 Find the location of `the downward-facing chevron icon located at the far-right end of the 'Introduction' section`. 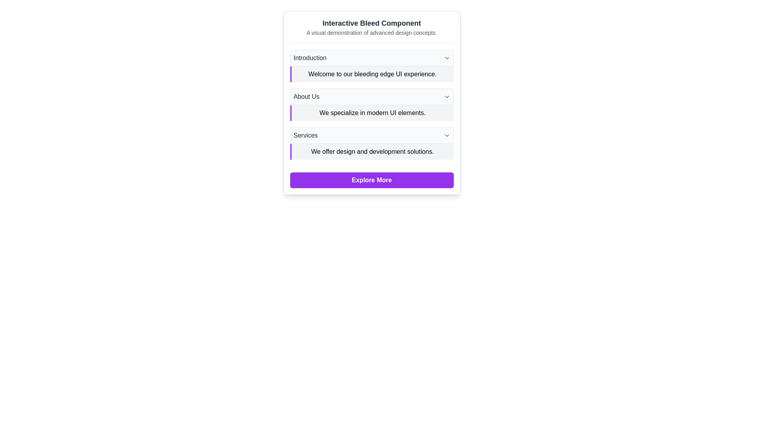

the downward-facing chevron icon located at the far-right end of the 'Introduction' section is located at coordinates (447, 57).